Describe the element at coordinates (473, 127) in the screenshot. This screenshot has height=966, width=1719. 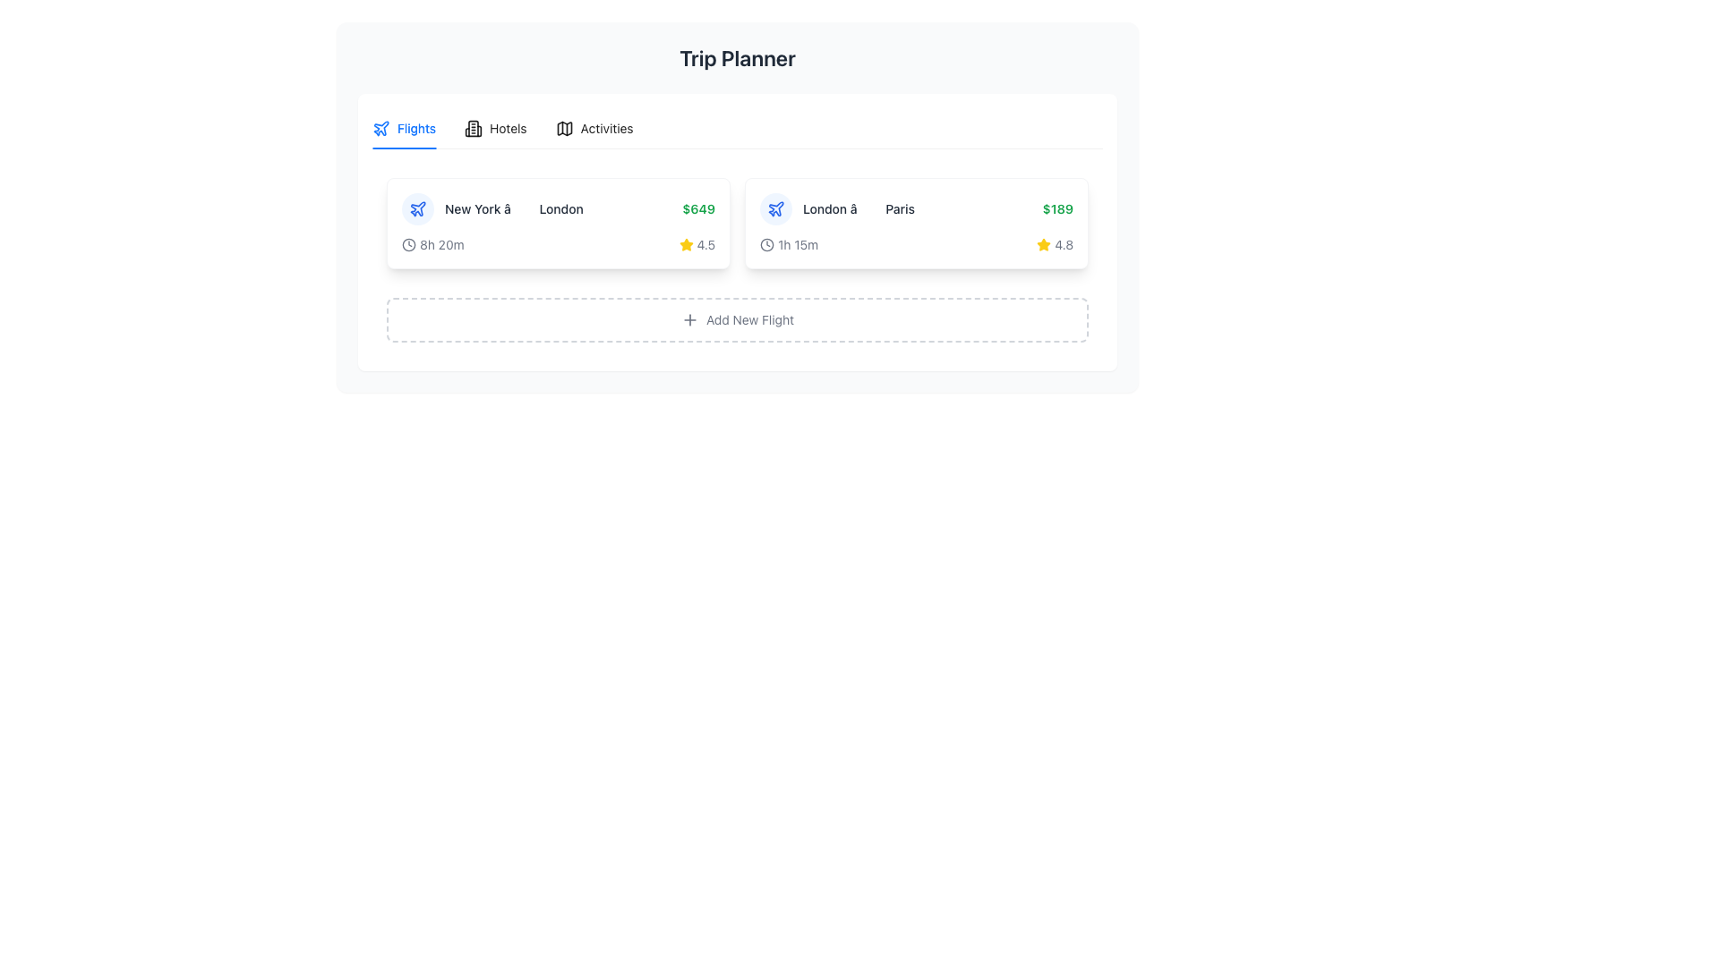
I see `the interactive UI icon resembling a building in the navigation bar` at that location.